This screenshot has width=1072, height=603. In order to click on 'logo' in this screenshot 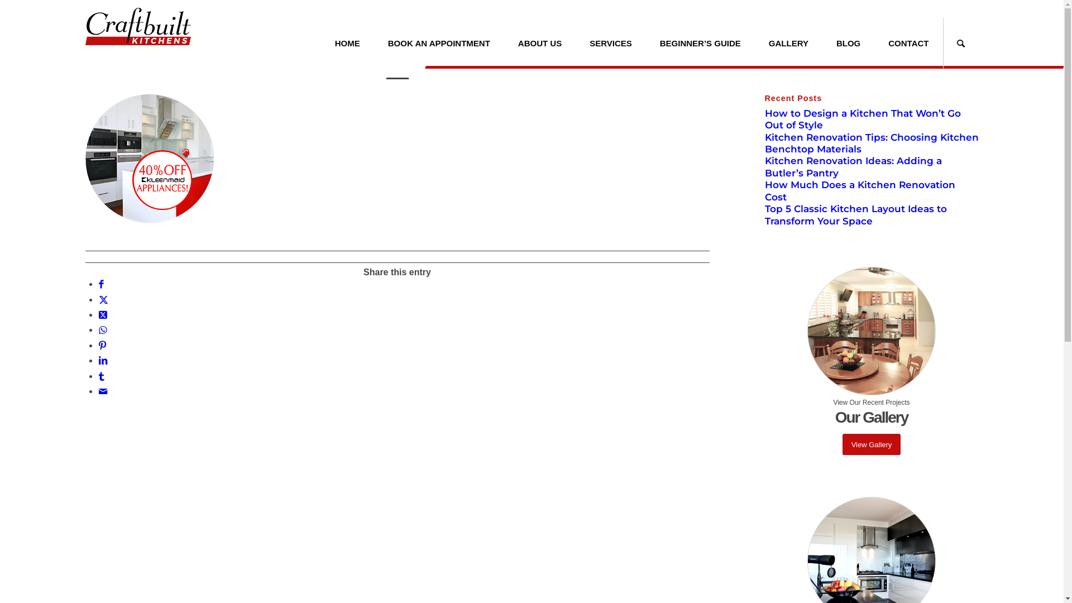, I will do `click(137, 32)`.